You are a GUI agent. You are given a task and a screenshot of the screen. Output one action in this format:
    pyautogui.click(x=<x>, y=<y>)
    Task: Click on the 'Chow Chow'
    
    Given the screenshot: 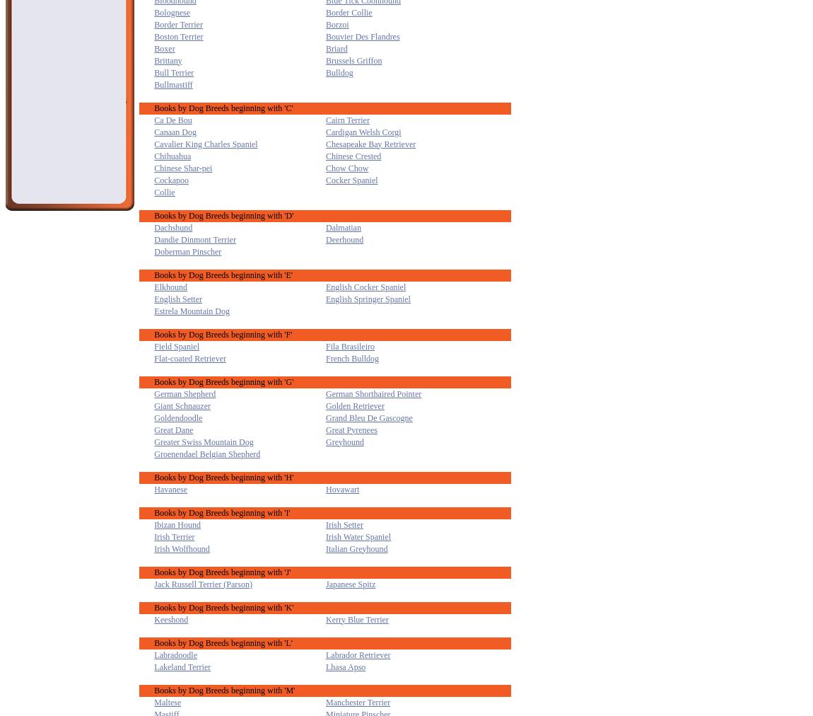 What is the action you would take?
    pyautogui.click(x=346, y=168)
    